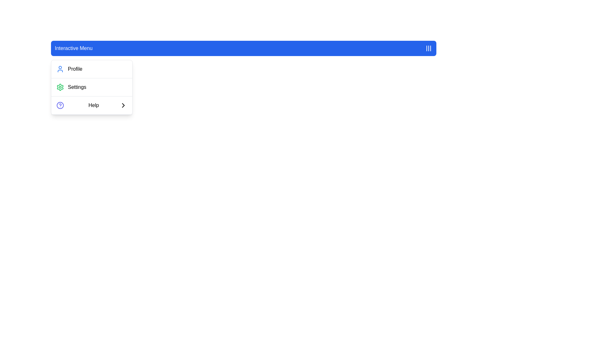  I want to click on the first item in the dropdown menu that serves as a navigation option for accessing the 'Profile' section, so click(91, 69).